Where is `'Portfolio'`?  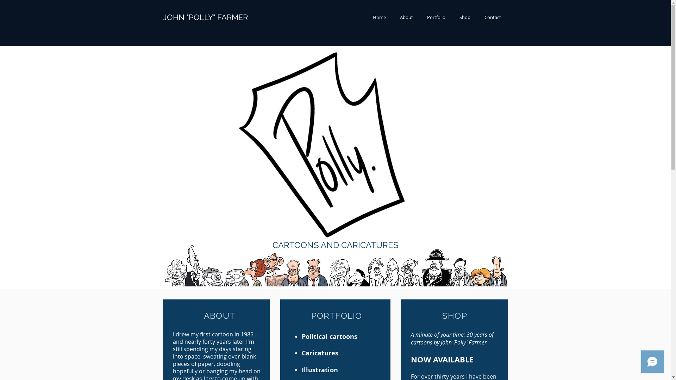
'Portfolio' is located at coordinates (436, 17).